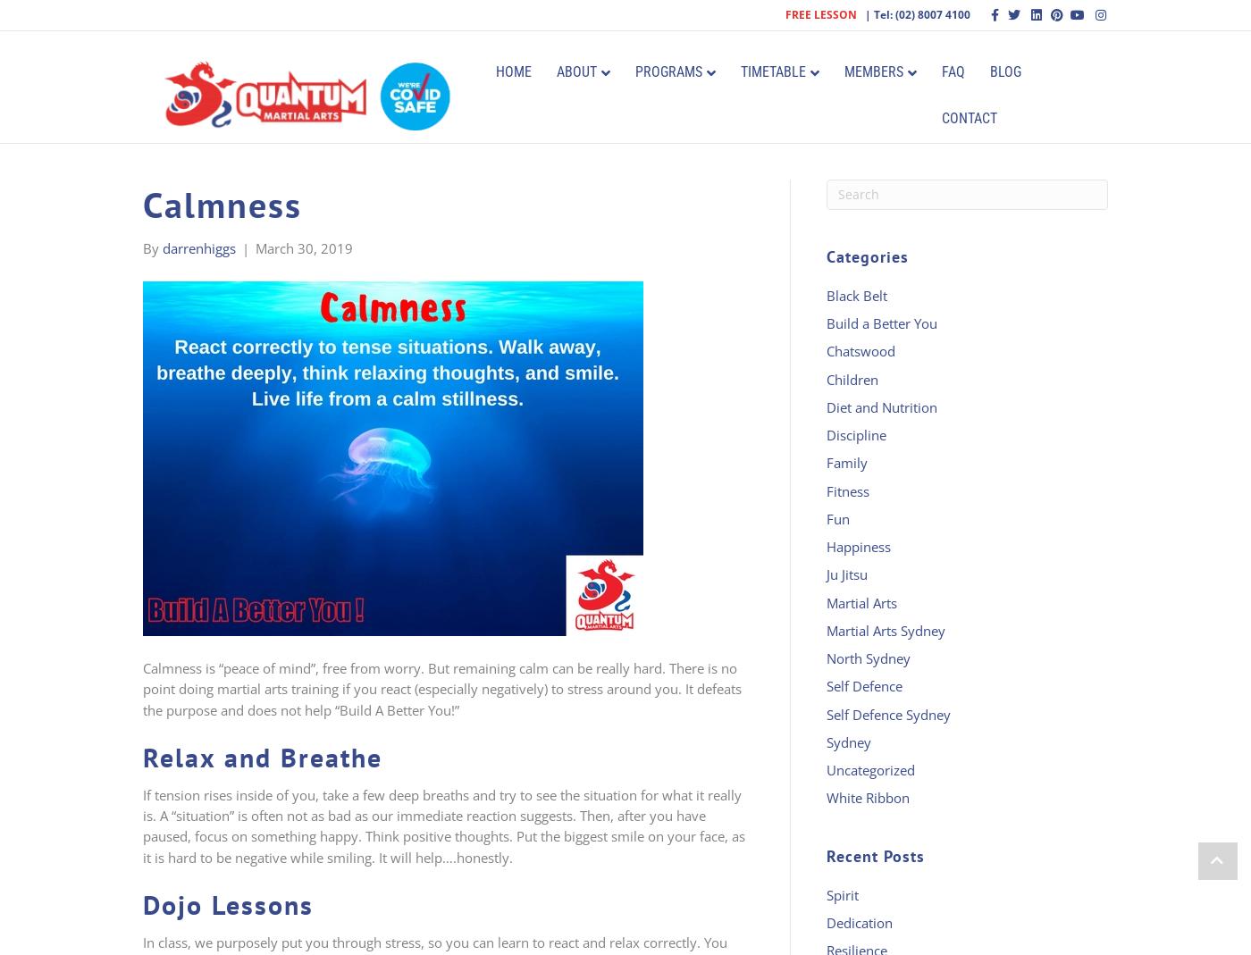 This screenshot has height=955, width=1251. I want to click on 'Self Defence', so click(864, 685).